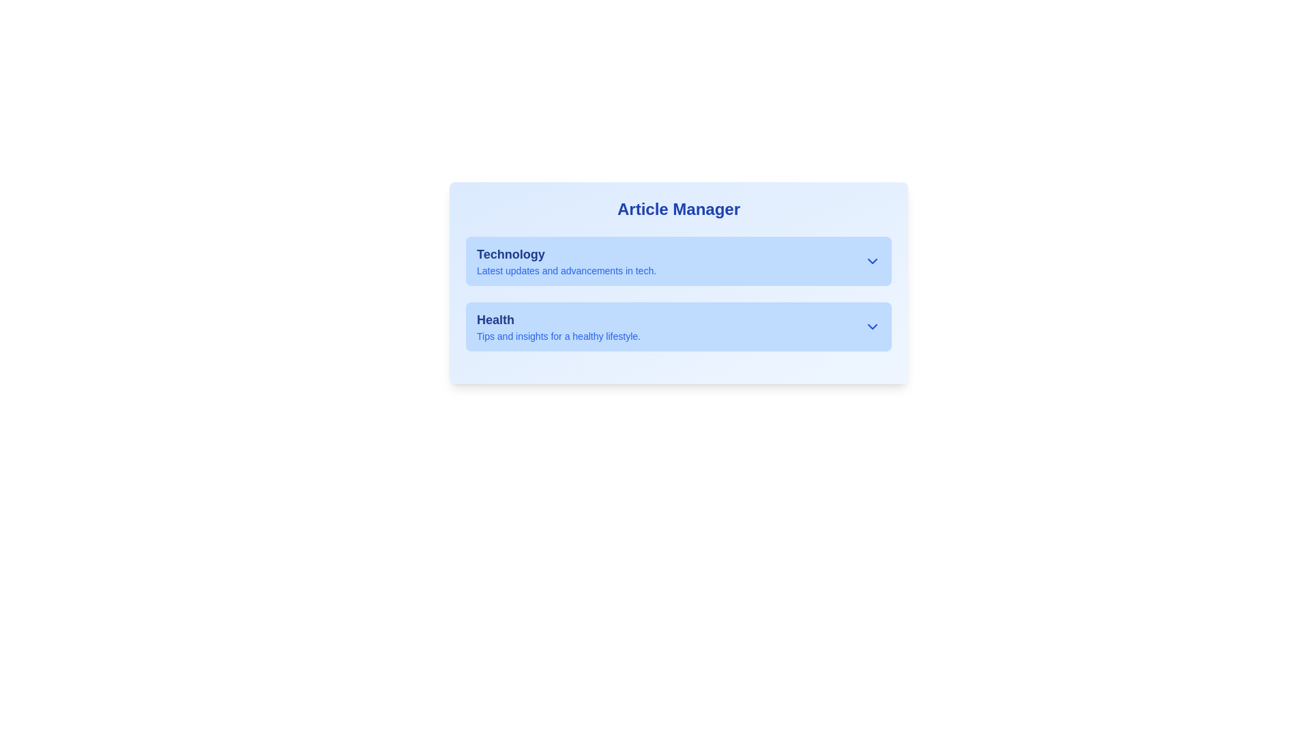 This screenshot has width=1310, height=737. What do you see at coordinates (558, 326) in the screenshot?
I see `text block located in the 'Article Manager' interface, which serves as a title and brief description for health topics, positioned below the 'Technology' section` at bounding box center [558, 326].